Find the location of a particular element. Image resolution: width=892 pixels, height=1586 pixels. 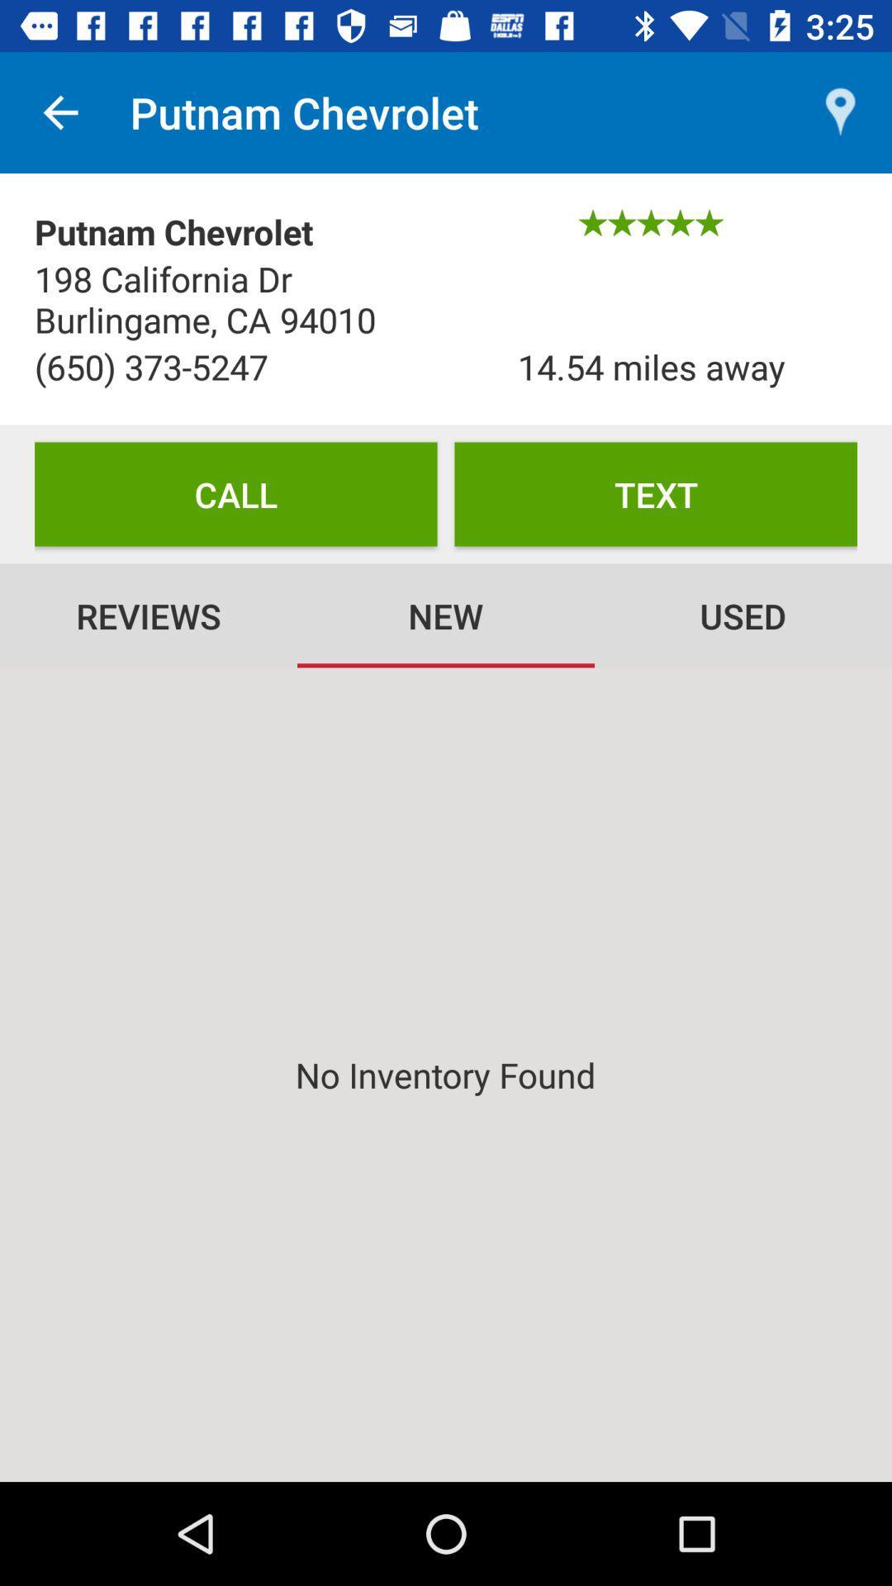

icon to the right of the putnam chevrolet item is located at coordinates (840, 112).